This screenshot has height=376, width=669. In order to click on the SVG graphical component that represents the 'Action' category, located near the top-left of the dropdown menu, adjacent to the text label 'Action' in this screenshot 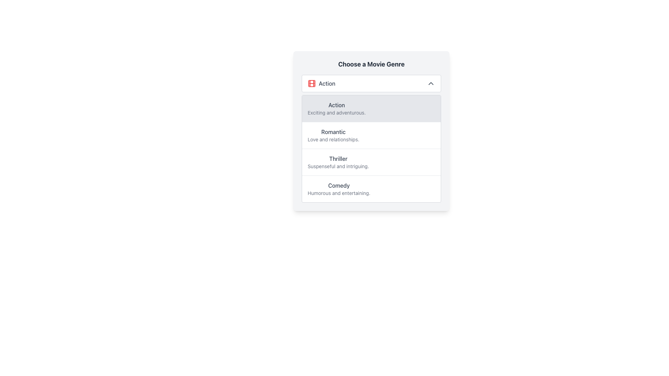, I will do `click(311, 83)`.